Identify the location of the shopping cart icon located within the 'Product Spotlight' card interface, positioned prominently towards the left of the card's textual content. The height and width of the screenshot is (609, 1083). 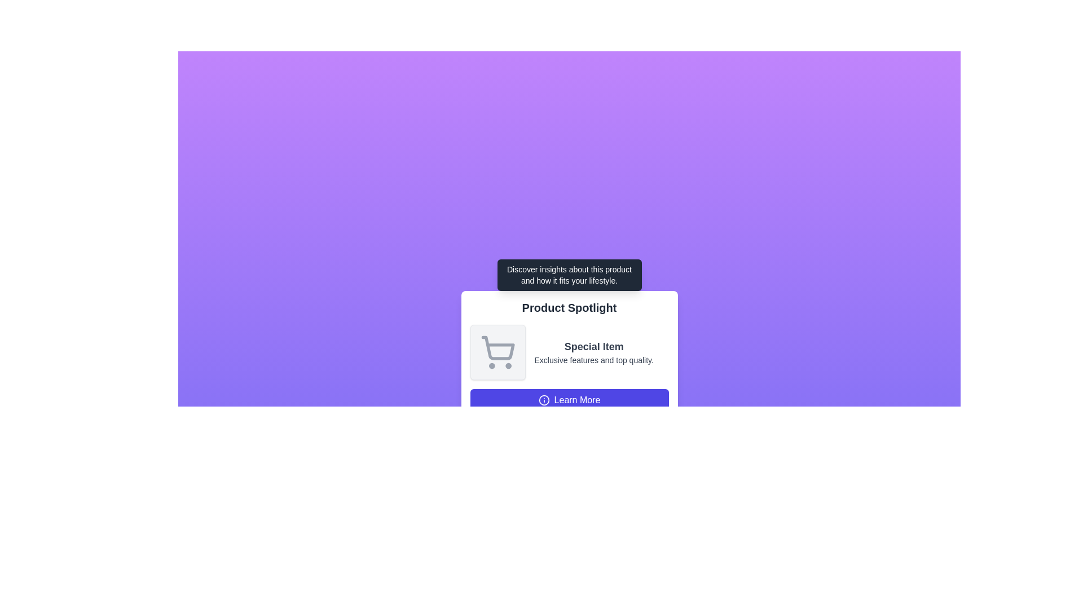
(497, 347).